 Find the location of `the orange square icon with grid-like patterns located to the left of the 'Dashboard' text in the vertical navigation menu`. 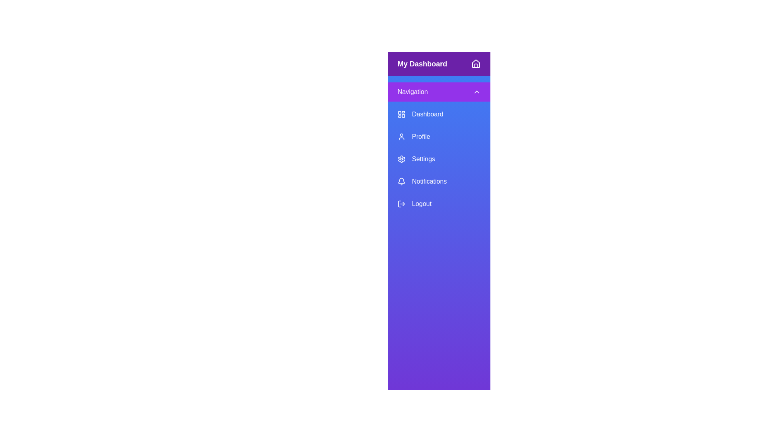

the orange square icon with grid-like patterns located to the left of the 'Dashboard' text in the vertical navigation menu is located at coordinates (401, 114).